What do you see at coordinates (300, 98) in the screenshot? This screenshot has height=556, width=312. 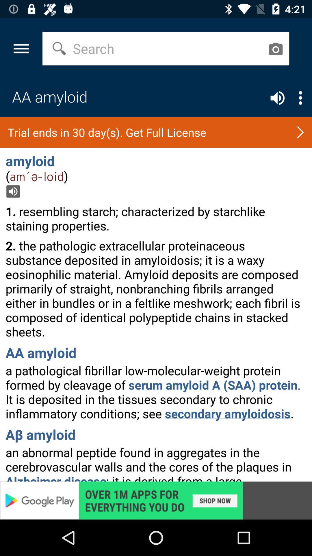 I see `open settings` at bounding box center [300, 98].